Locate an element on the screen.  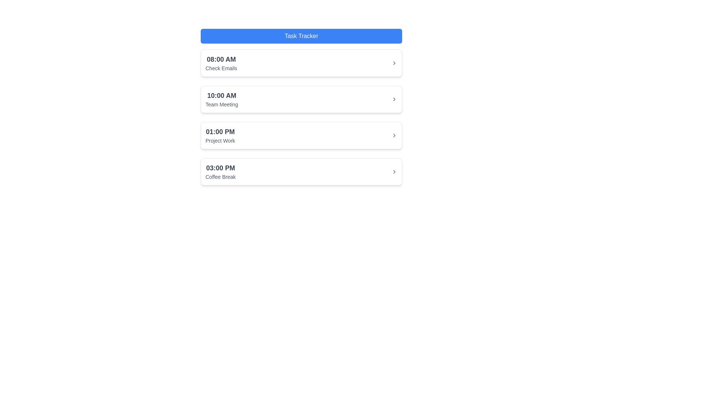
the informational block that displays a scheduled task or event, positioned third in a vertical list between '10:00 AM Team Meeting' above and '03:00 PM Coffee Break' below is located at coordinates (220, 135).